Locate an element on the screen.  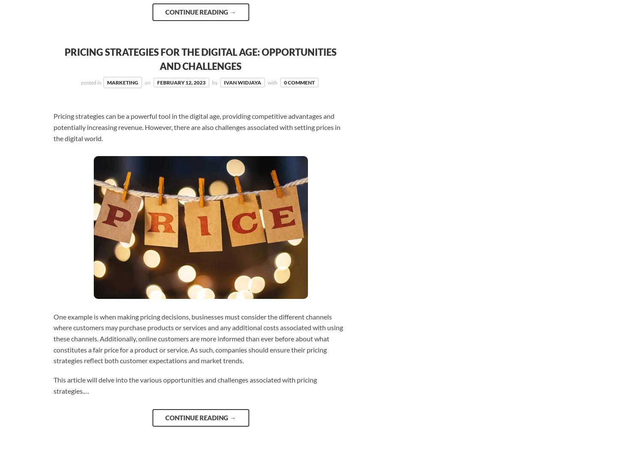
'Pricing Strategies For The Digital Age: Opportunities And Challenges' is located at coordinates (64, 59).